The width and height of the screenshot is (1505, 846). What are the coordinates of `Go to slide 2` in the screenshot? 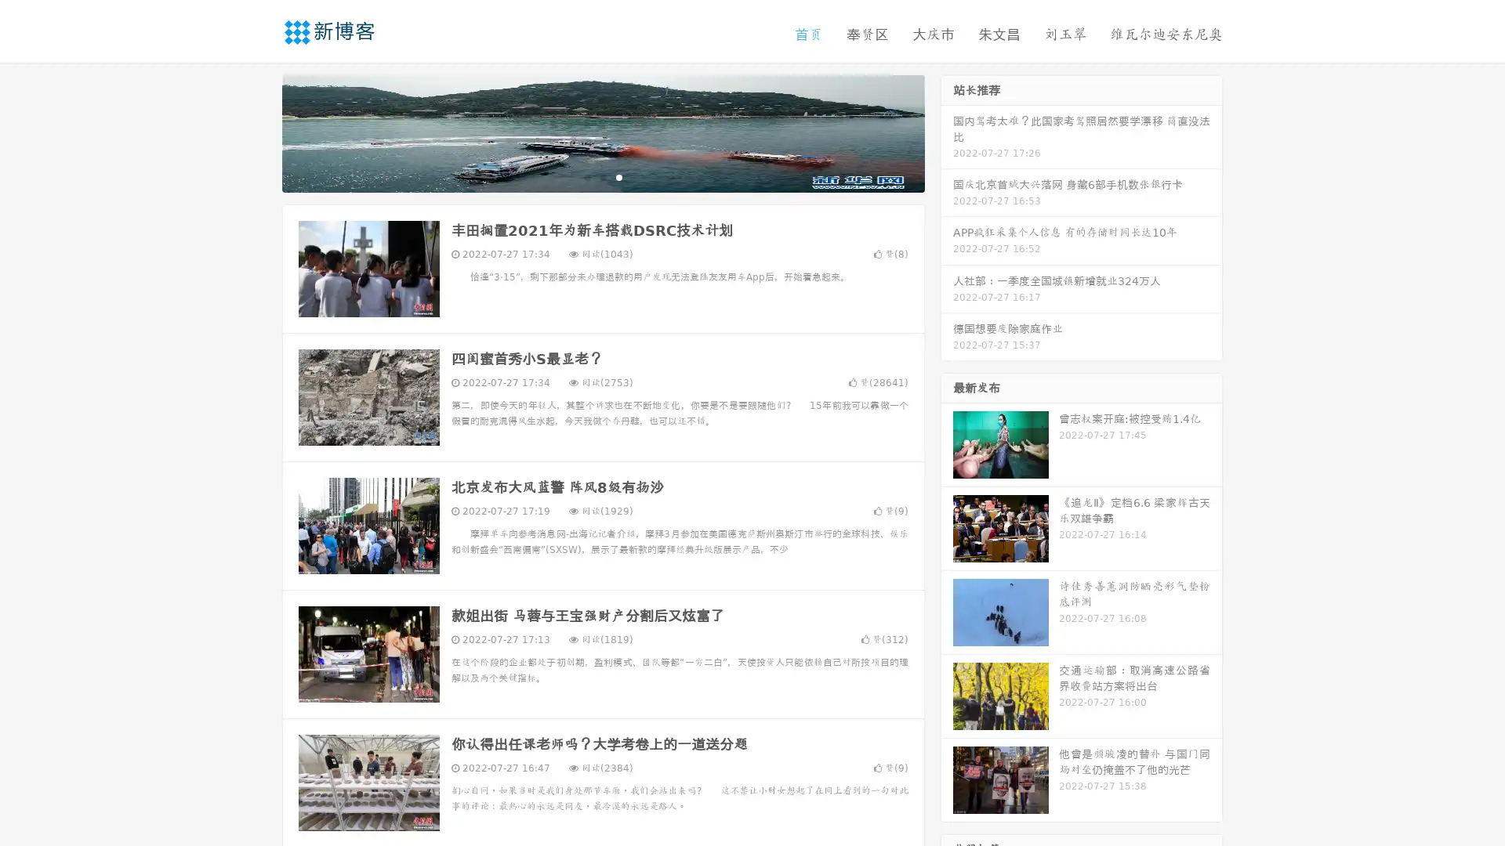 It's located at (602, 176).